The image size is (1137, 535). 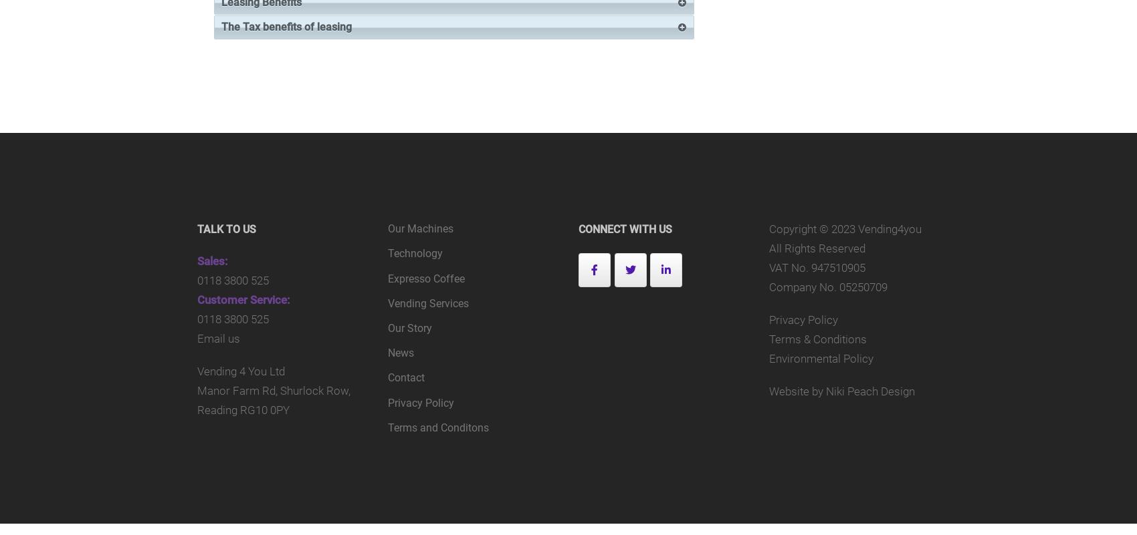 What do you see at coordinates (769, 286) in the screenshot?
I see `'Company No. 05250709'` at bounding box center [769, 286].